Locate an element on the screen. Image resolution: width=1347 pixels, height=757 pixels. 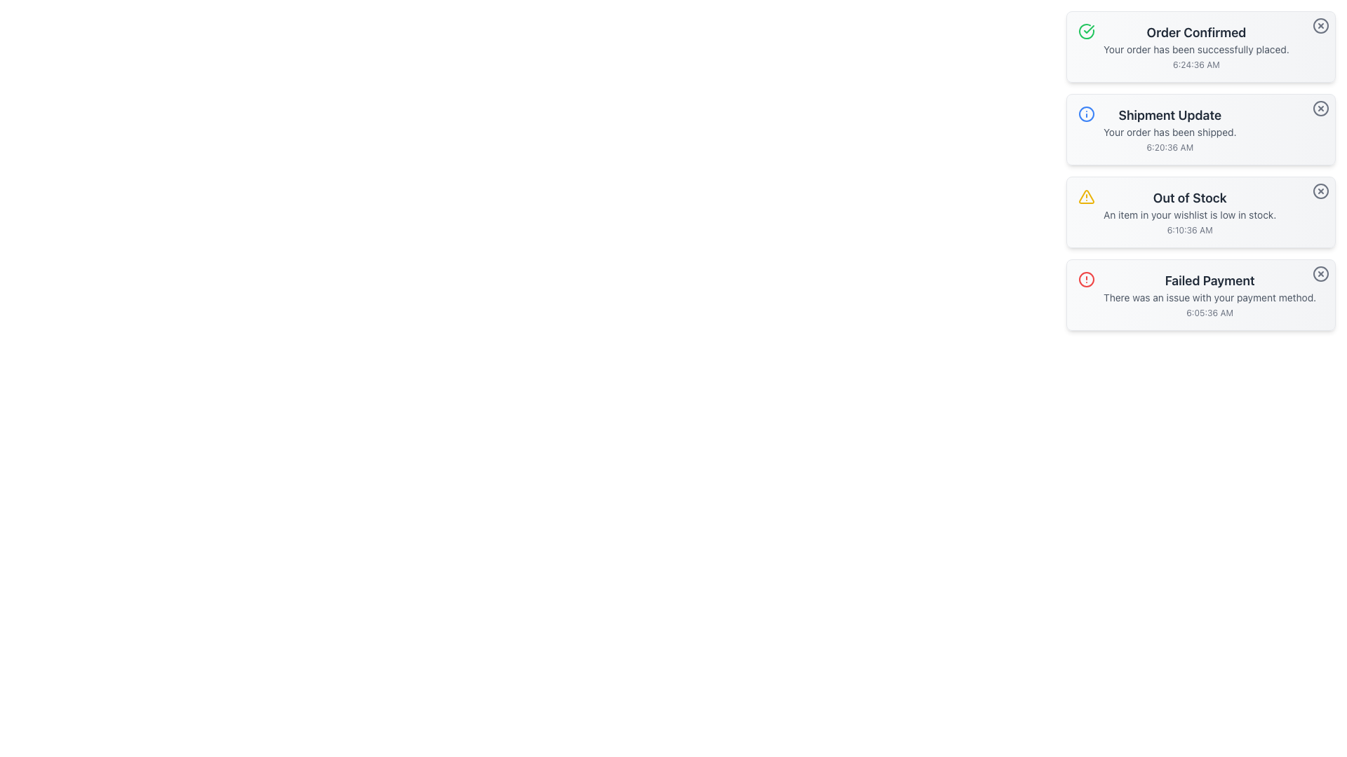
the close button located in the top-right corner of the 'Failed Payment' notification card to trigger a visual response is located at coordinates (1320, 273).